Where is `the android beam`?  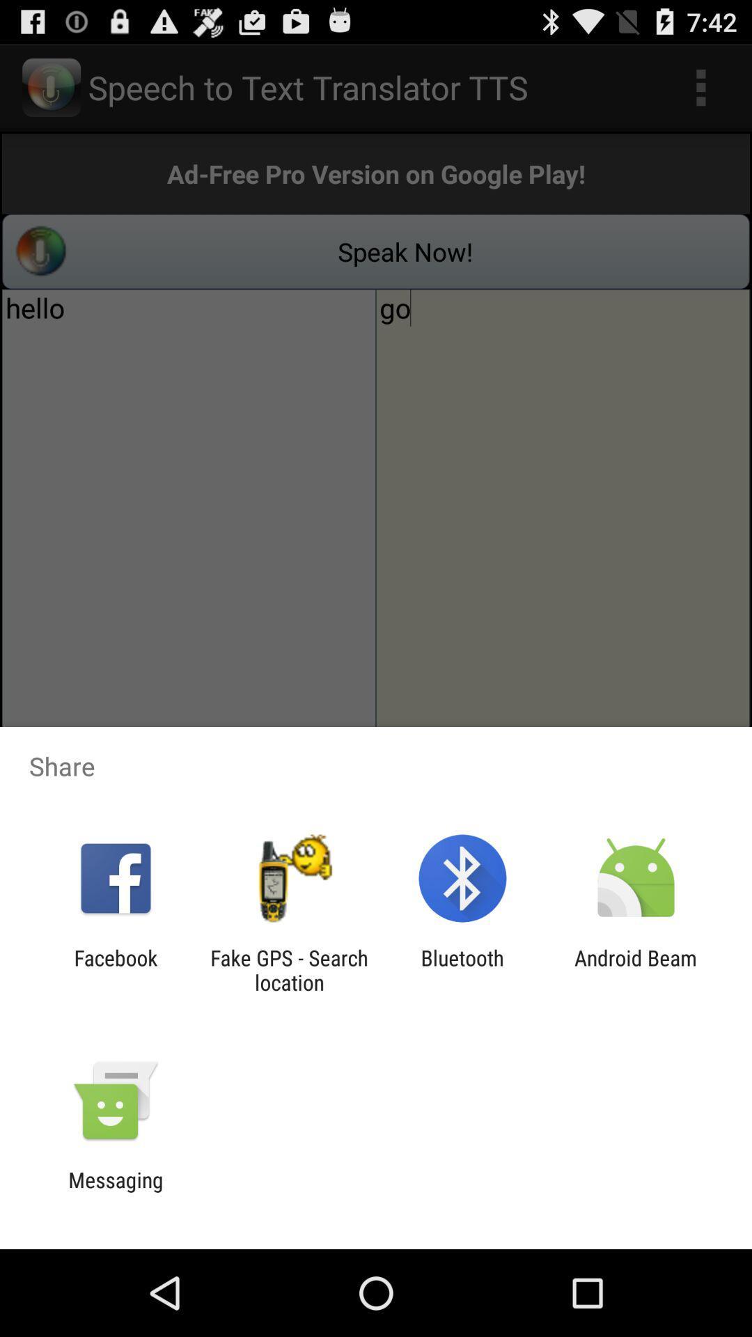
the android beam is located at coordinates (636, 969).